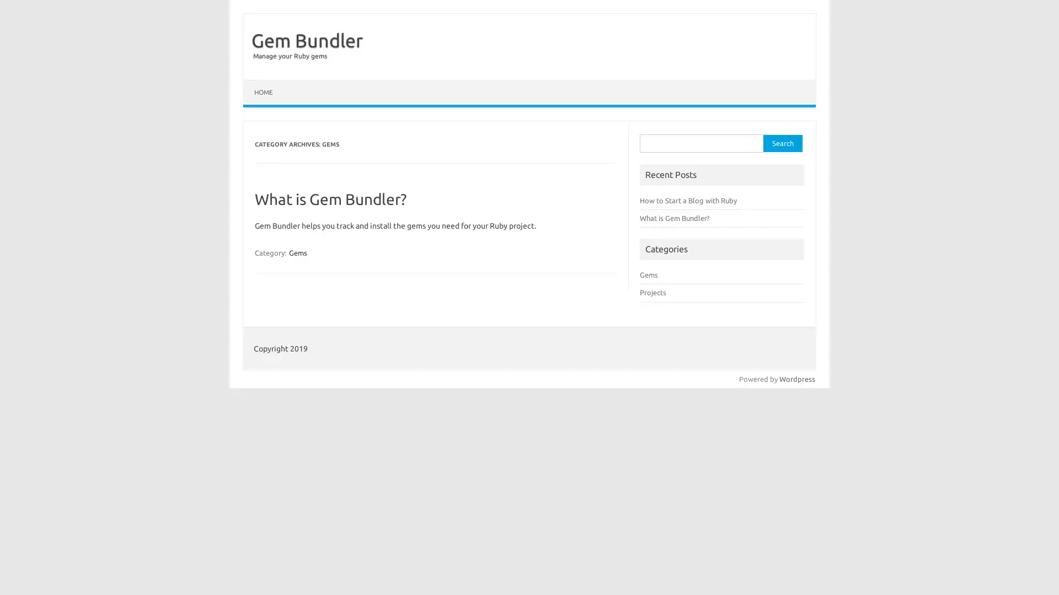  Describe the element at coordinates (782, 143) in the screenshot. I see `Search` at that location.